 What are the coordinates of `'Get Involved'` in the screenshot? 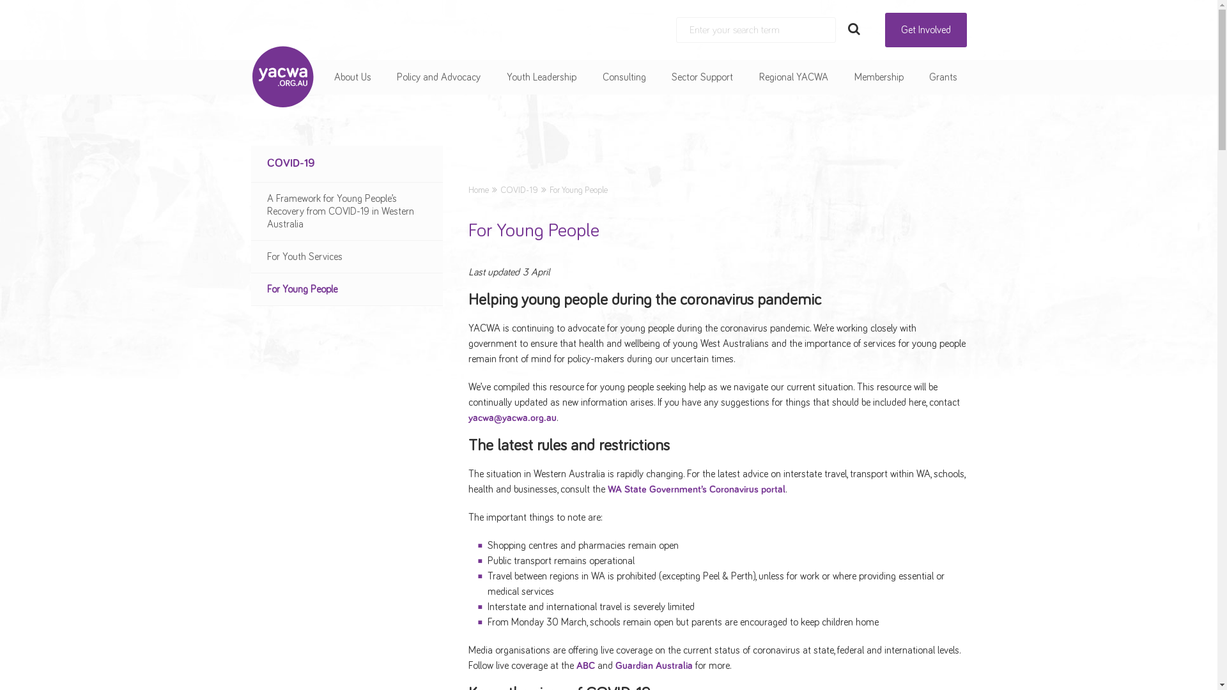 It's located at (925, 29).